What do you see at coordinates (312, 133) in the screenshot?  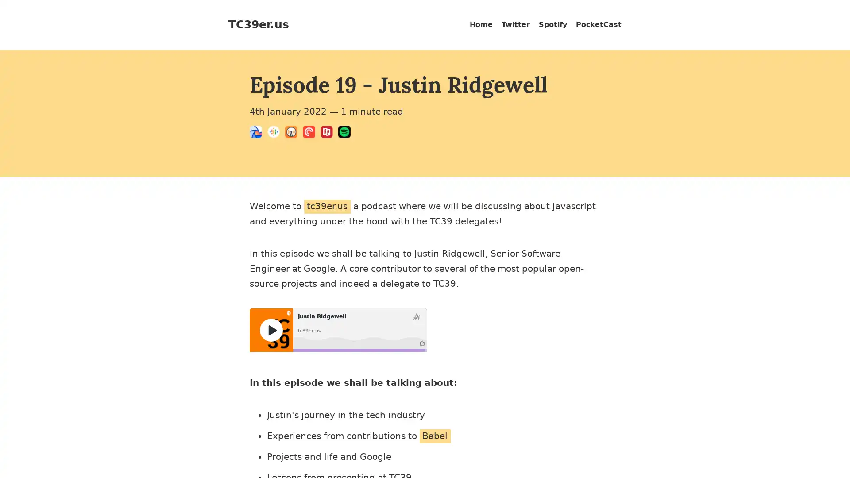 I see `Pocket Casts Logo` at bounding box center [312, 133].